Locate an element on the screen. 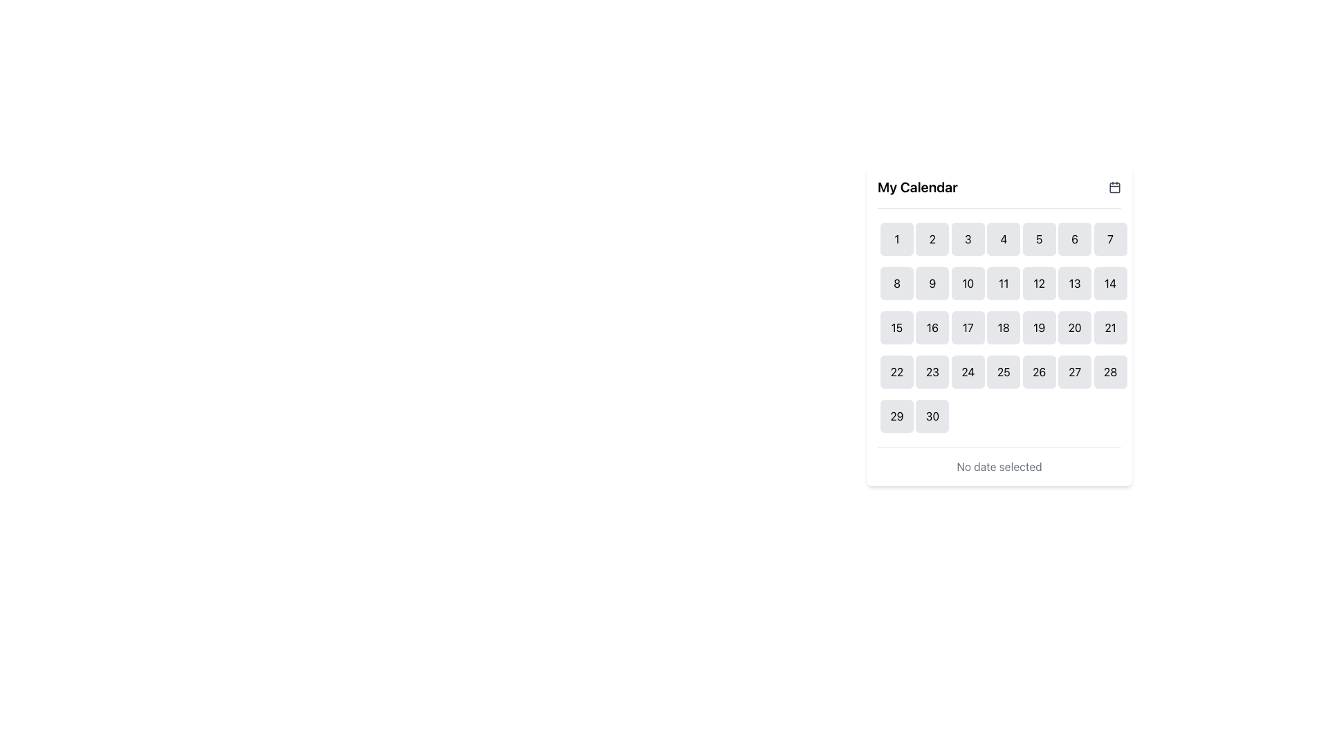 Image resolution: width=1328 pixels, height=747 pixels. the square button displaying the number '3' with a grey background and rounded corners in the 'My Calendar' grid is located at coordinates (967, 239).